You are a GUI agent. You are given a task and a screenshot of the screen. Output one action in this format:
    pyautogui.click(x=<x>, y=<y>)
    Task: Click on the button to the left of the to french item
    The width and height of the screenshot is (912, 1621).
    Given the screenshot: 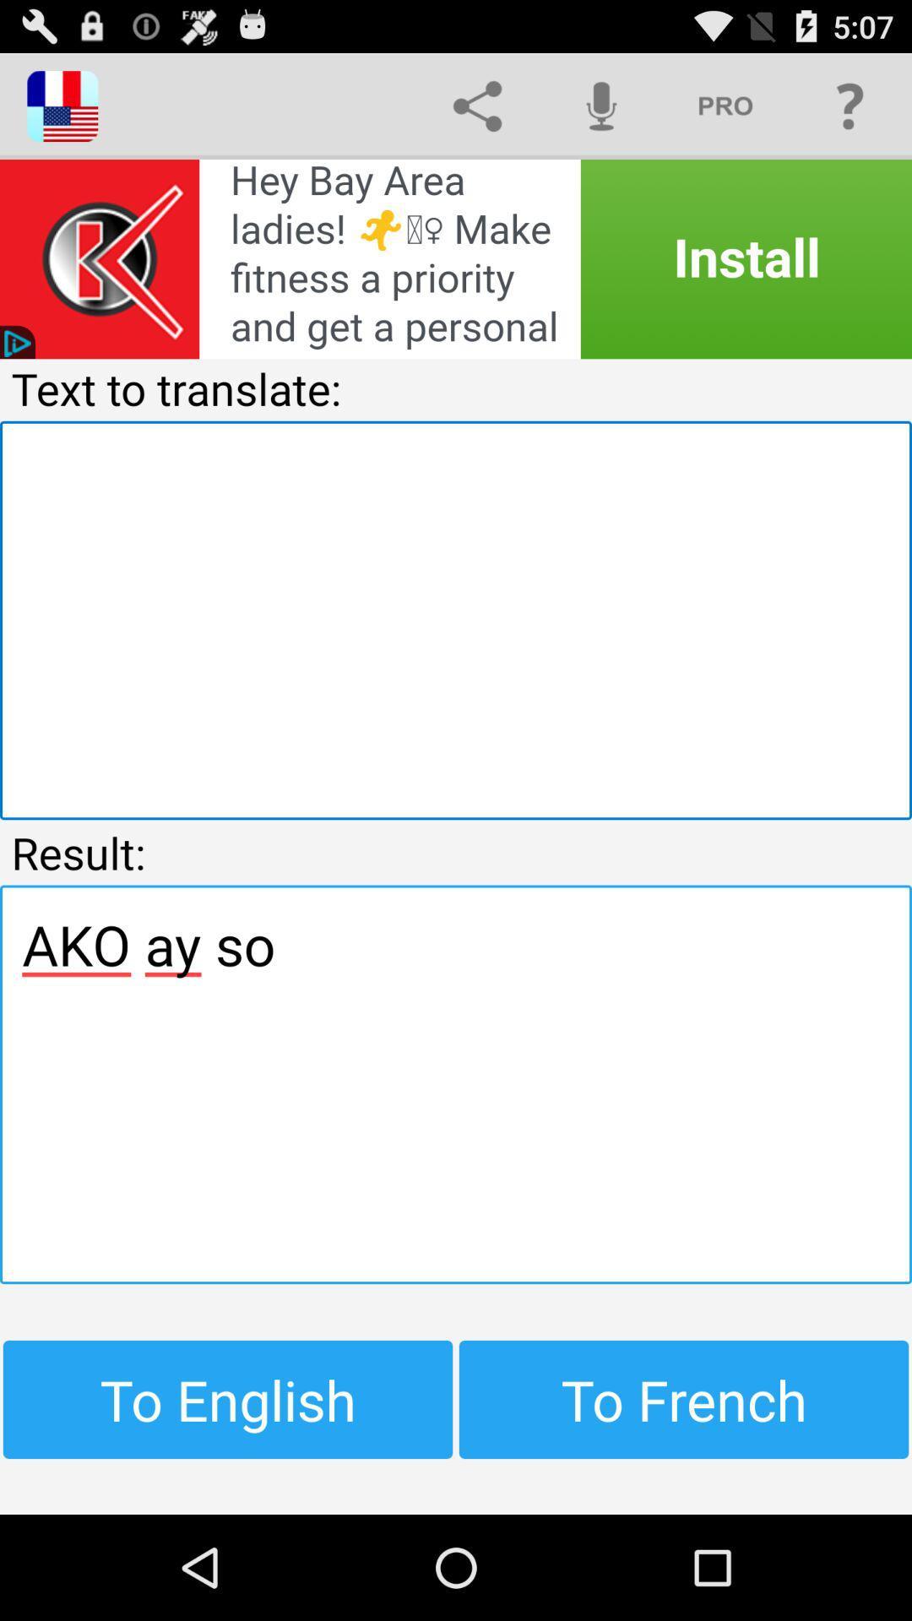 What is the action you would take?
    pyautogui.click(x=228, y=1399)
    